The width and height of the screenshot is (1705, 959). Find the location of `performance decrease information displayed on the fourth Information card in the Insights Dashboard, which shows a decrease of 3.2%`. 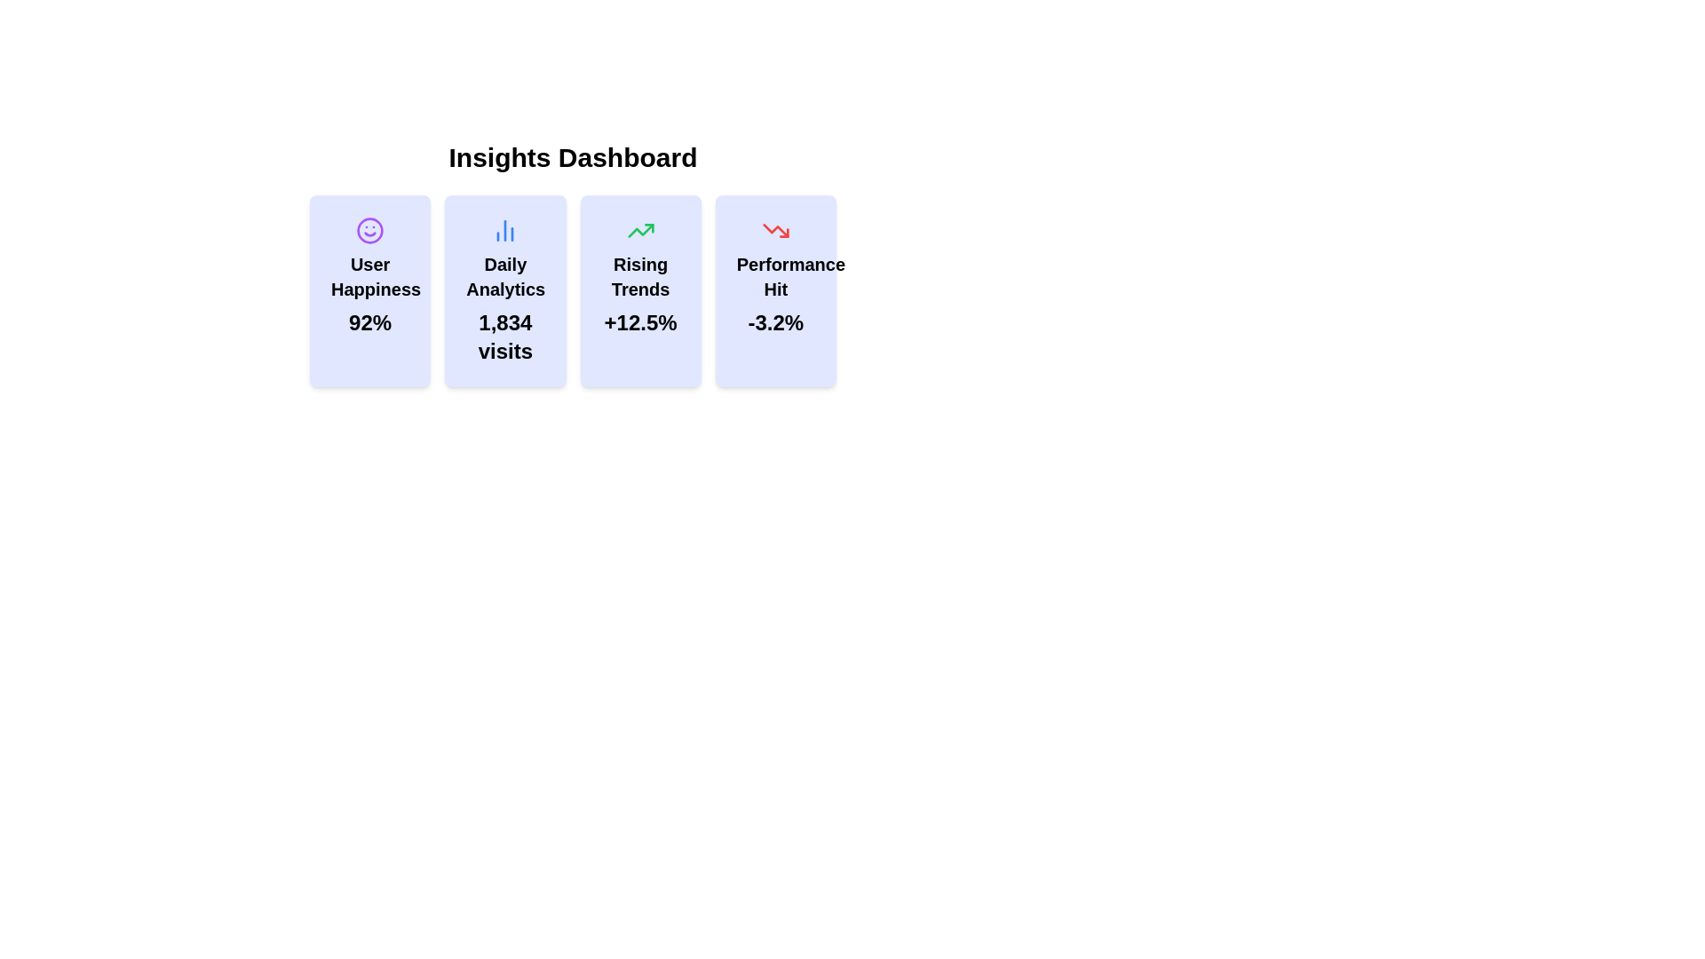

performance decrease information displayed on the fourth Information card in the Insights Dashboard, which shows a decrease of 3.2% is located at coordinates (775, 289).